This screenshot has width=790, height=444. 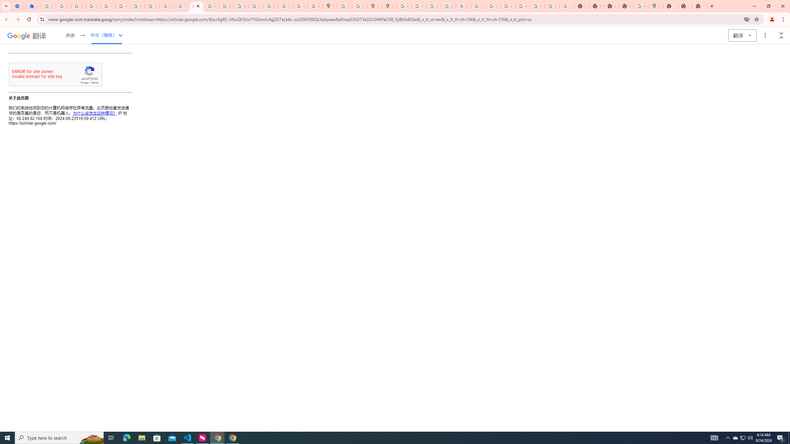 What do you see at coordinates (404, 6) in the screenshot?
I see `'Policy Accountability and Transparency - Transparency Center'` at bounding box center [404, 6].